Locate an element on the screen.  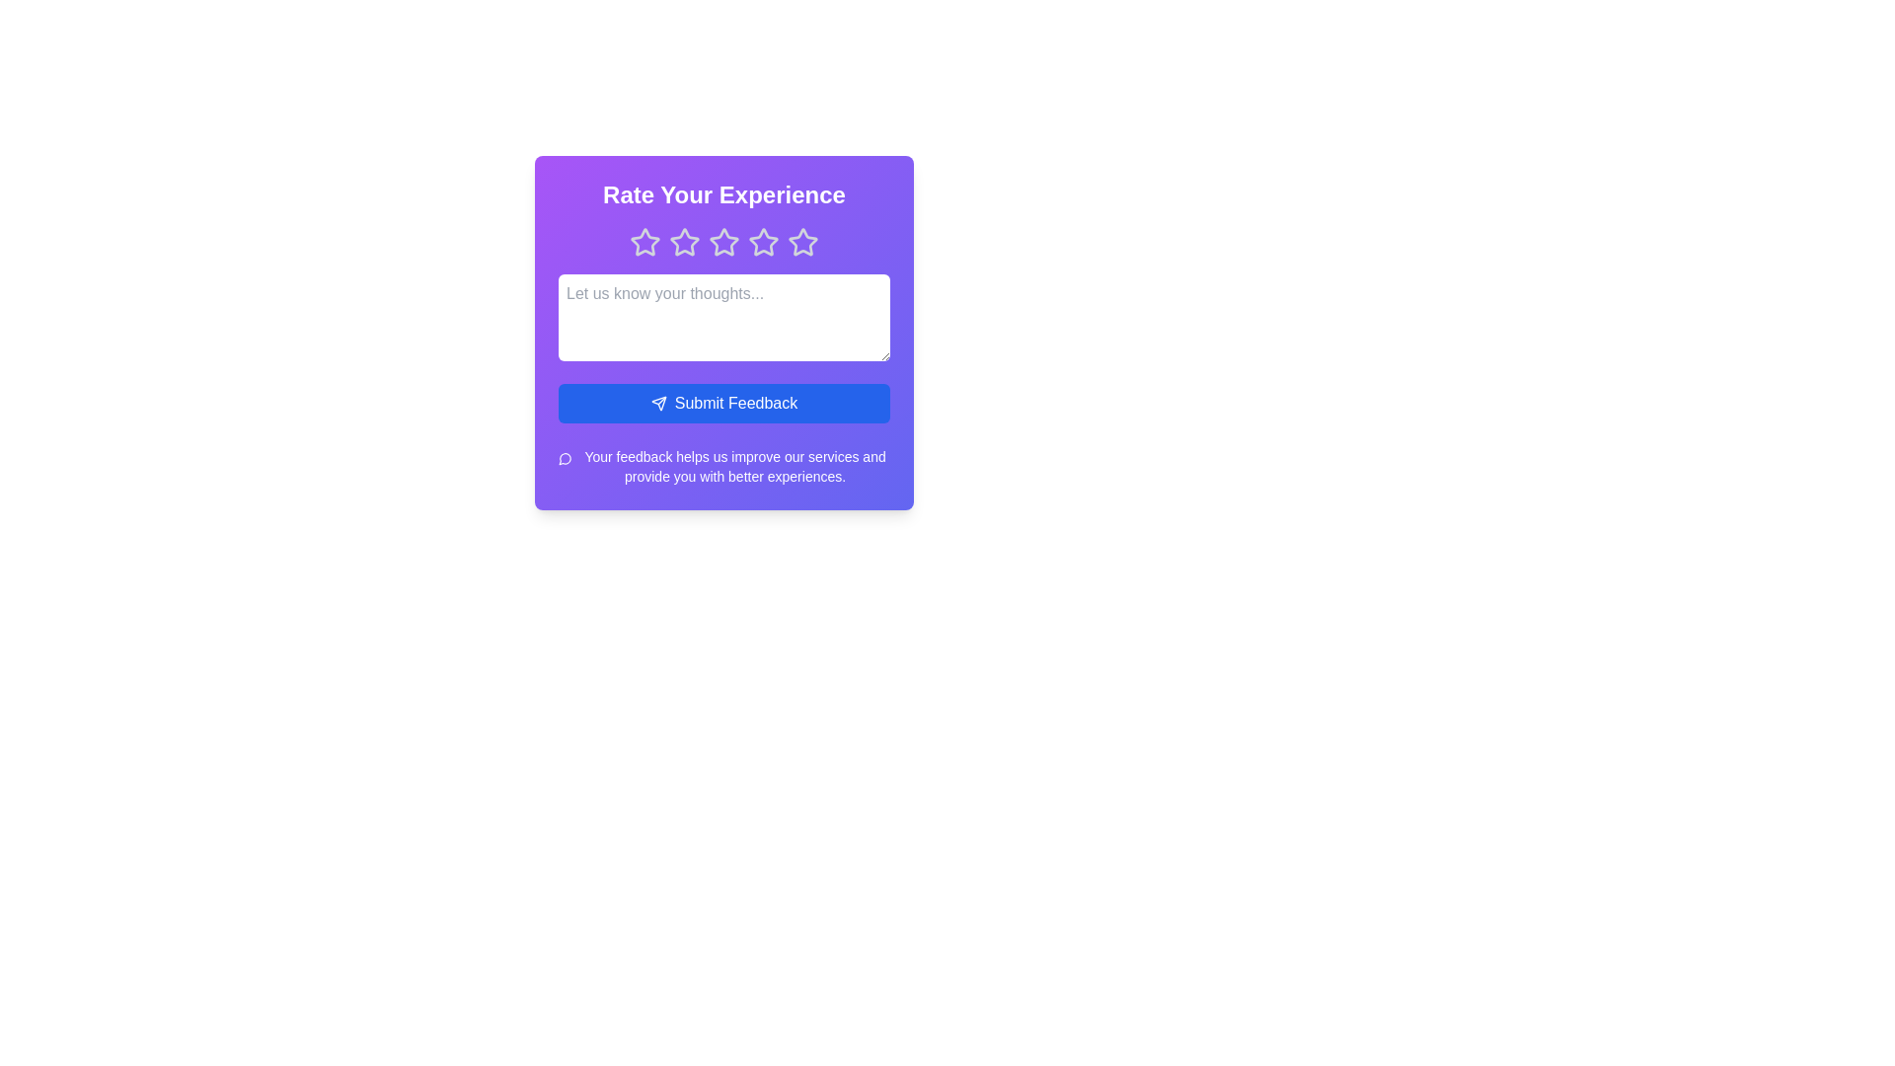
the third star in the horizontal row of inactive rating stars is located at coordinates (723, 242).